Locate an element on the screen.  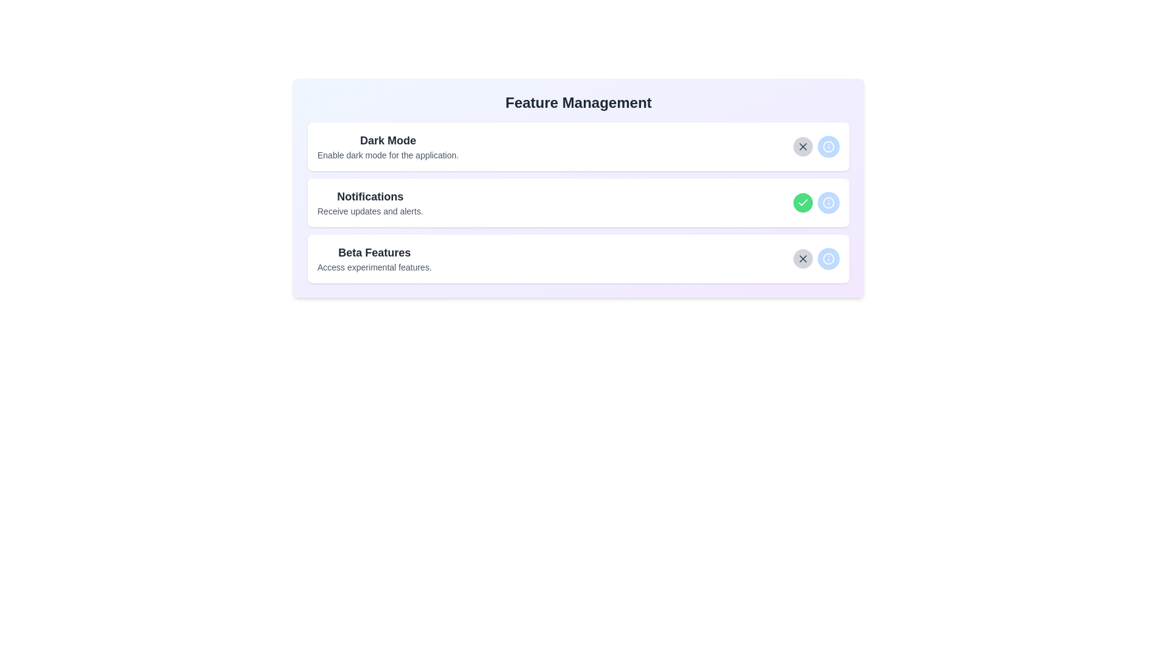
the info button for the feature Beta Features is located at coordinates (828, 258).